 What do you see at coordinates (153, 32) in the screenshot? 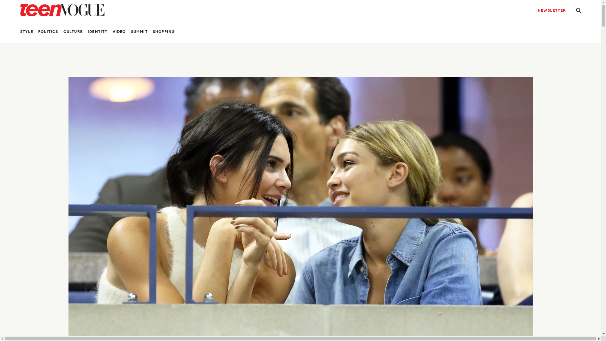
I see `'SHOPPING'` at bounding box center [153, 32].